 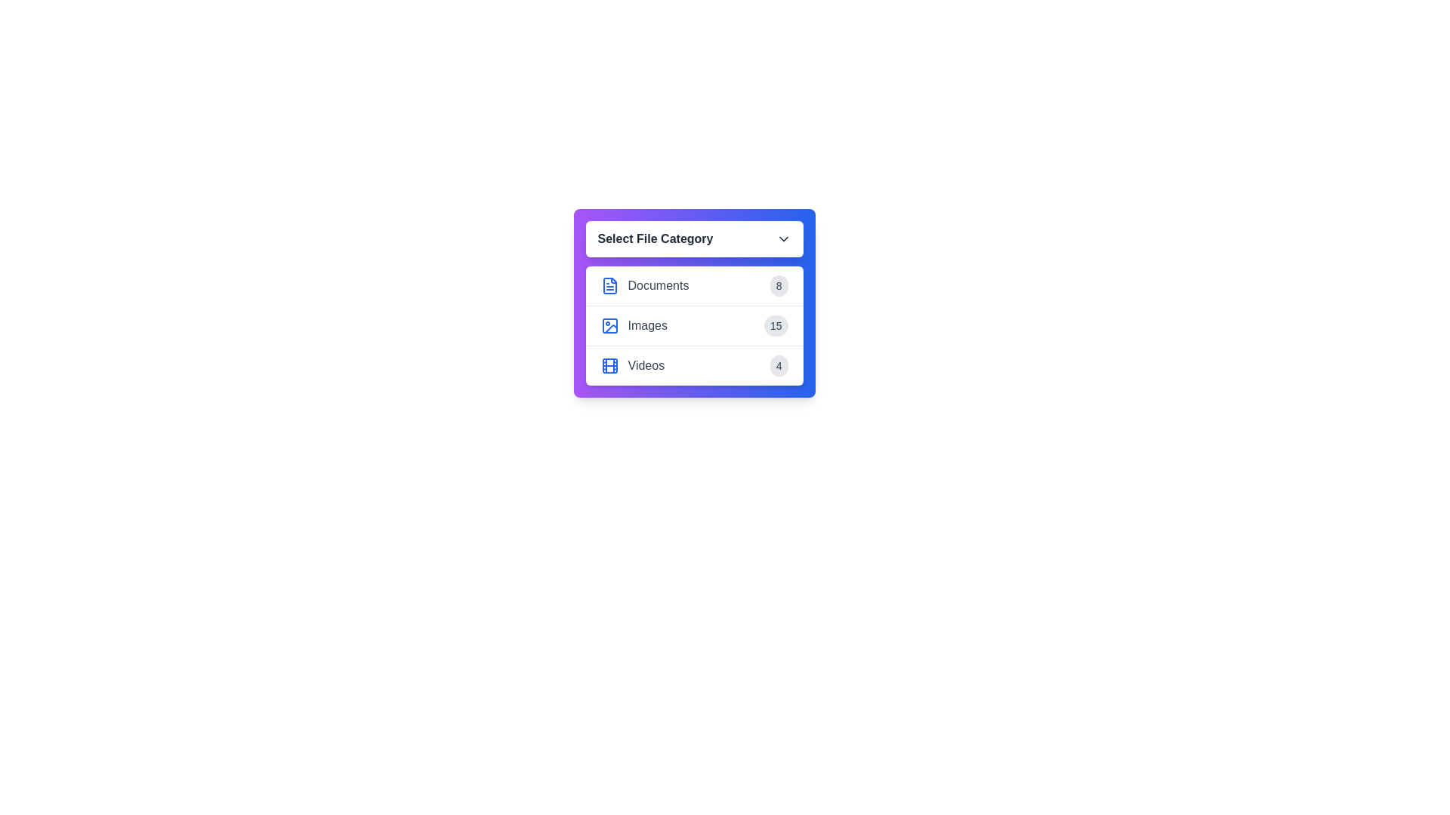 I want to click on the icon with a blue outline resembling a picture frame, located in the 'Images' category row of the dropdown menu, to the left of the text 'Images', so click(x=609, y=325).